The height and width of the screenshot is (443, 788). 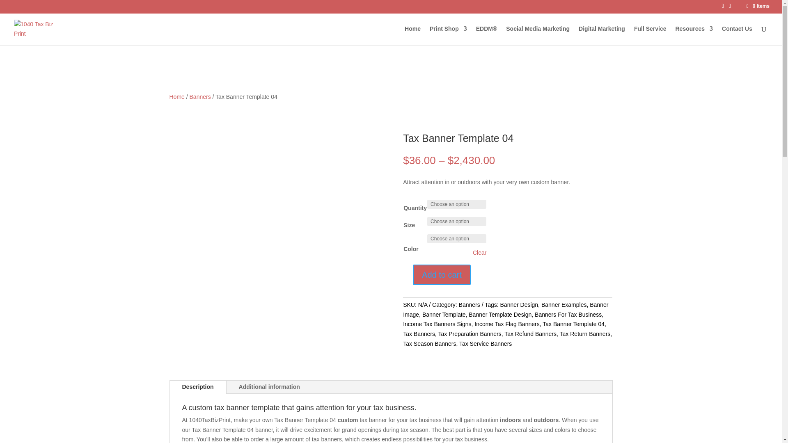 I want to click on 'Digital Marketing', so click(x=602, y=35).